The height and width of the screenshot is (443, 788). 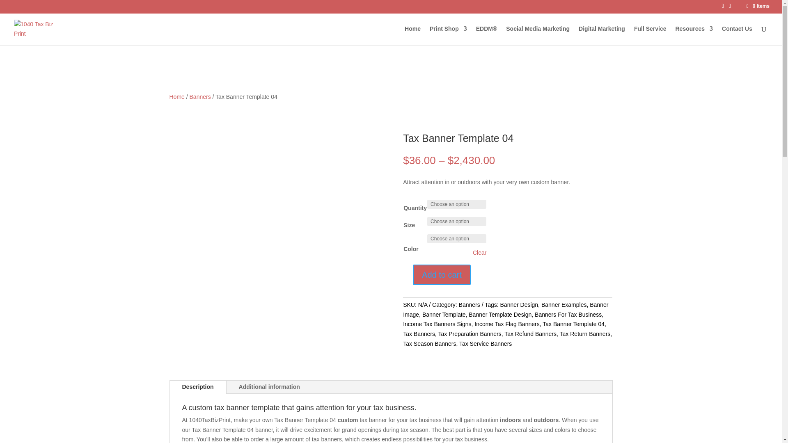 I want to click on 'Digital Marketing', so click(x=602, y=35).